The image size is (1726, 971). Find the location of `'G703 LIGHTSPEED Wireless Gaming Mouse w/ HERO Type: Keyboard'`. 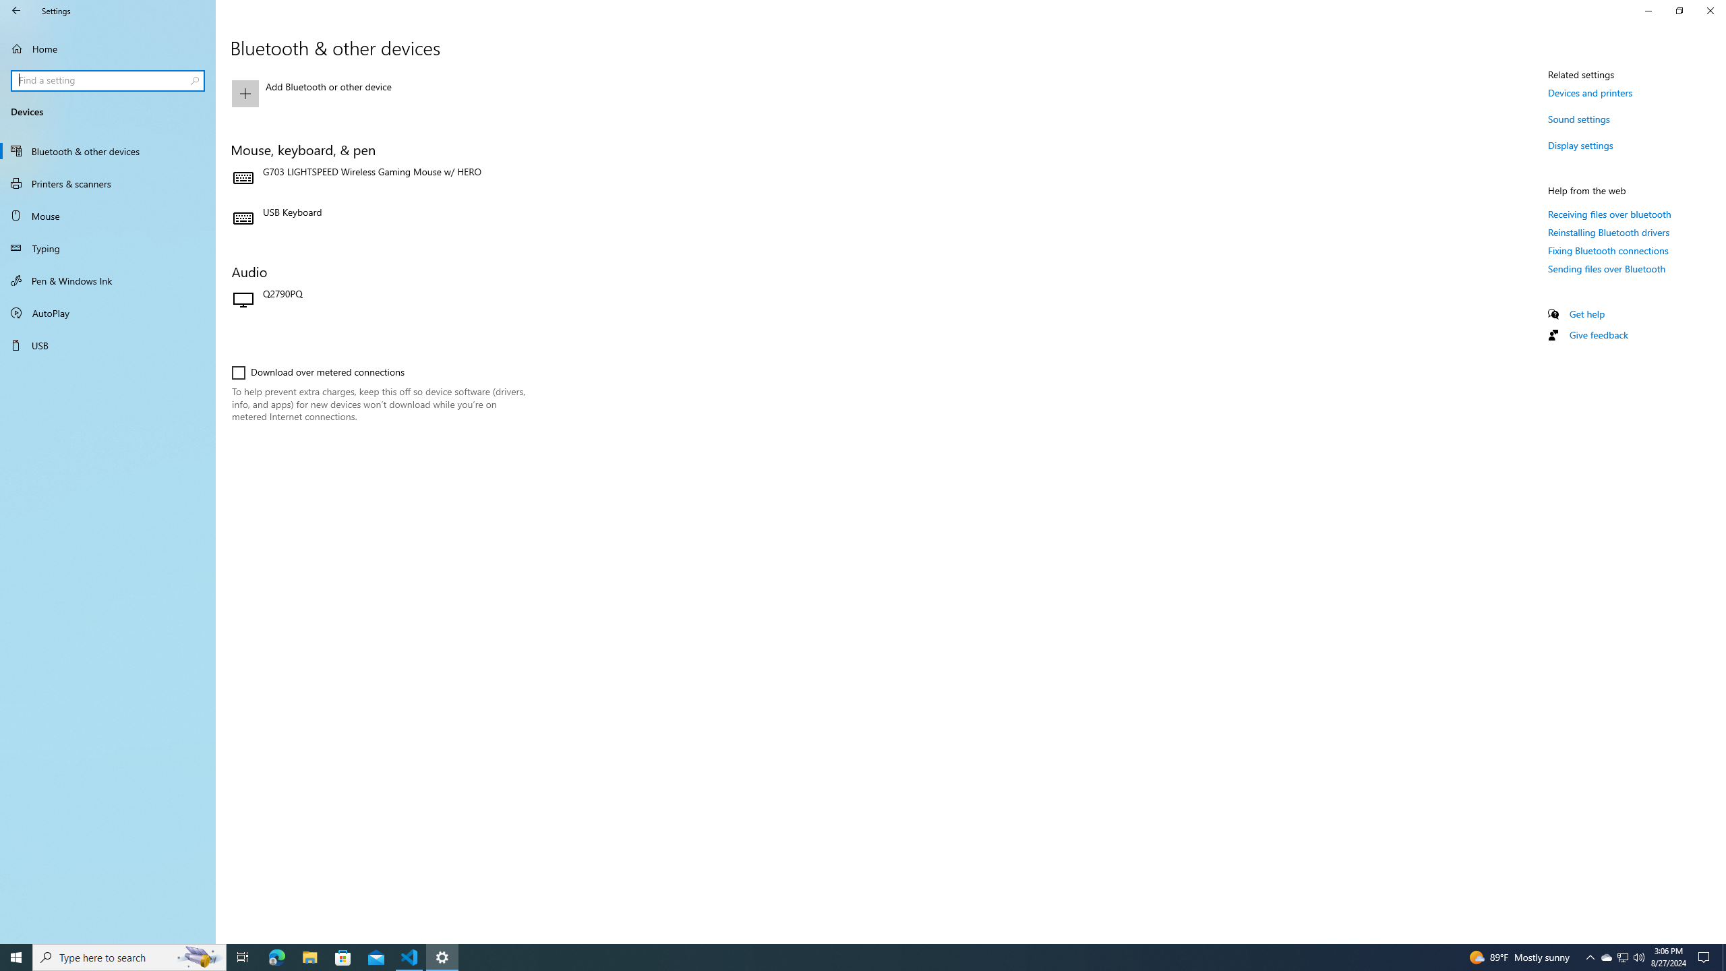

'G703 LIGHTSPEED Wireless Gaming Mouse w/ HERO Type: Keyboard' is located at coordinates (378, 178).